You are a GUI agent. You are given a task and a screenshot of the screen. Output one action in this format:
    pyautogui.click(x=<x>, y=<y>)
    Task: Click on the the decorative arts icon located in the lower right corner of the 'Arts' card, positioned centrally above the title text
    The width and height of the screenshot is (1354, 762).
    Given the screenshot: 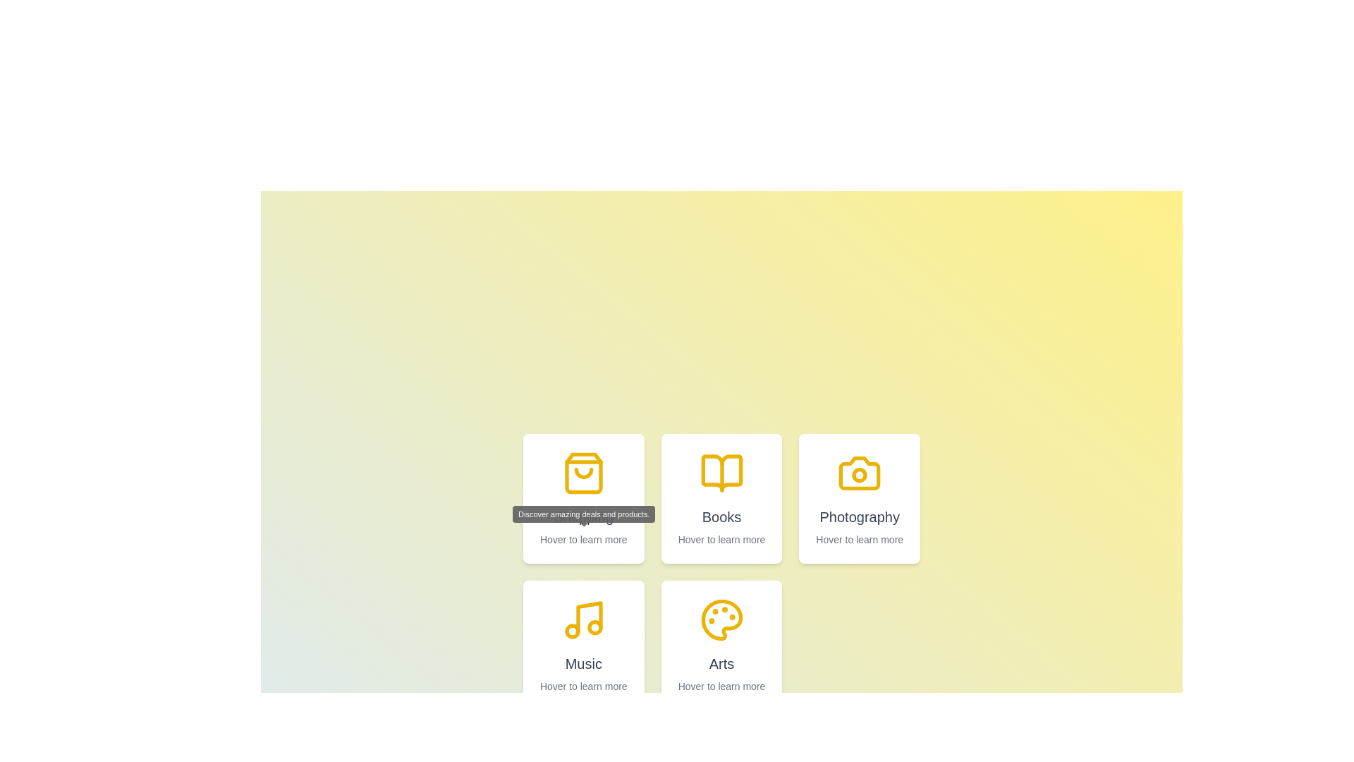 What is the action you would take?
    pyautogui.click(x=721, y=619)
    